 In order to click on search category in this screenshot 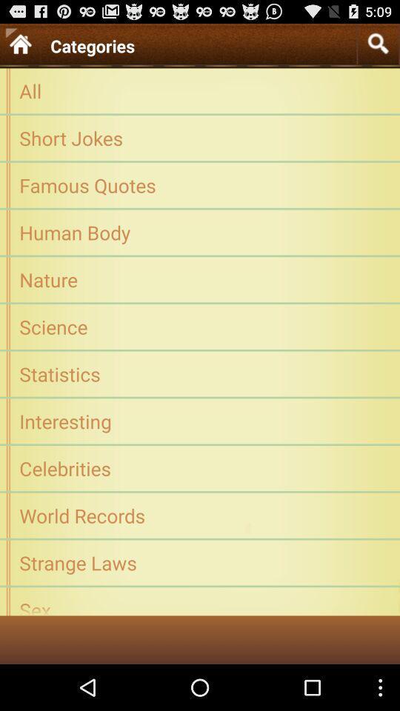, I will do `click(378, 43)`.